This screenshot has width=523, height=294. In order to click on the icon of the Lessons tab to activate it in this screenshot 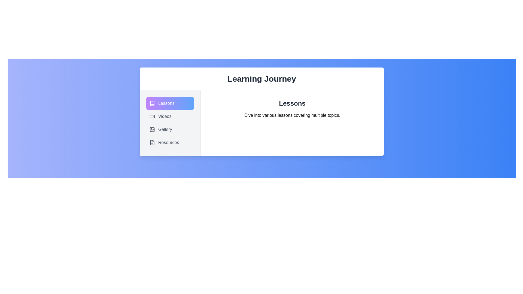, I will do `click(152, 103)`.